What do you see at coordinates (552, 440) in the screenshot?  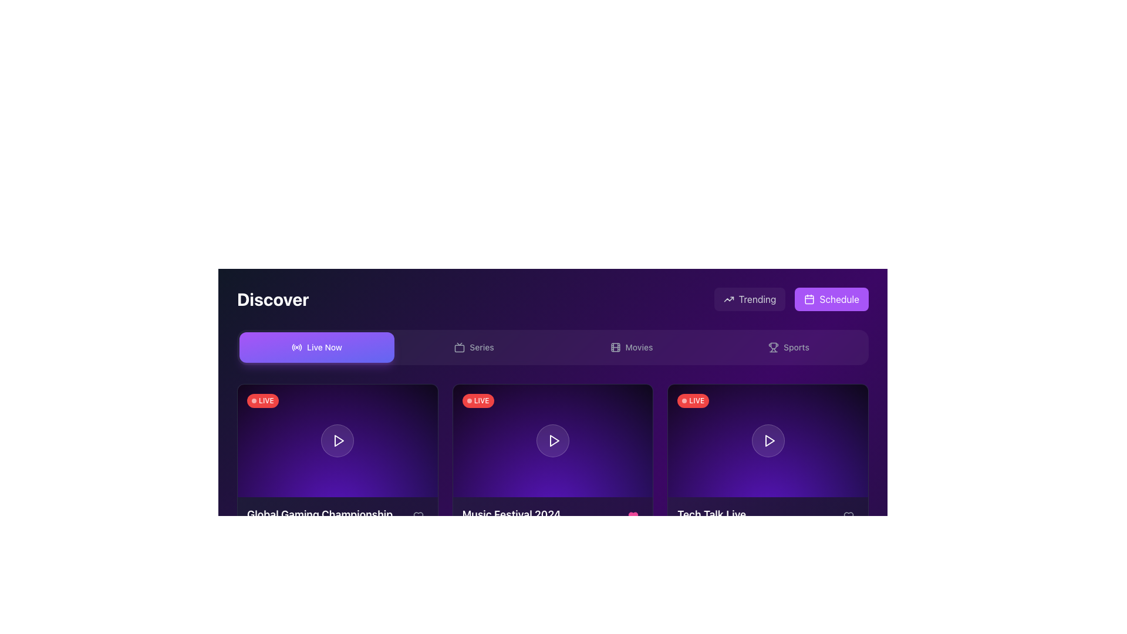 I see `the second clickable content block with an embedded play button` at bounding box center [552, 440].